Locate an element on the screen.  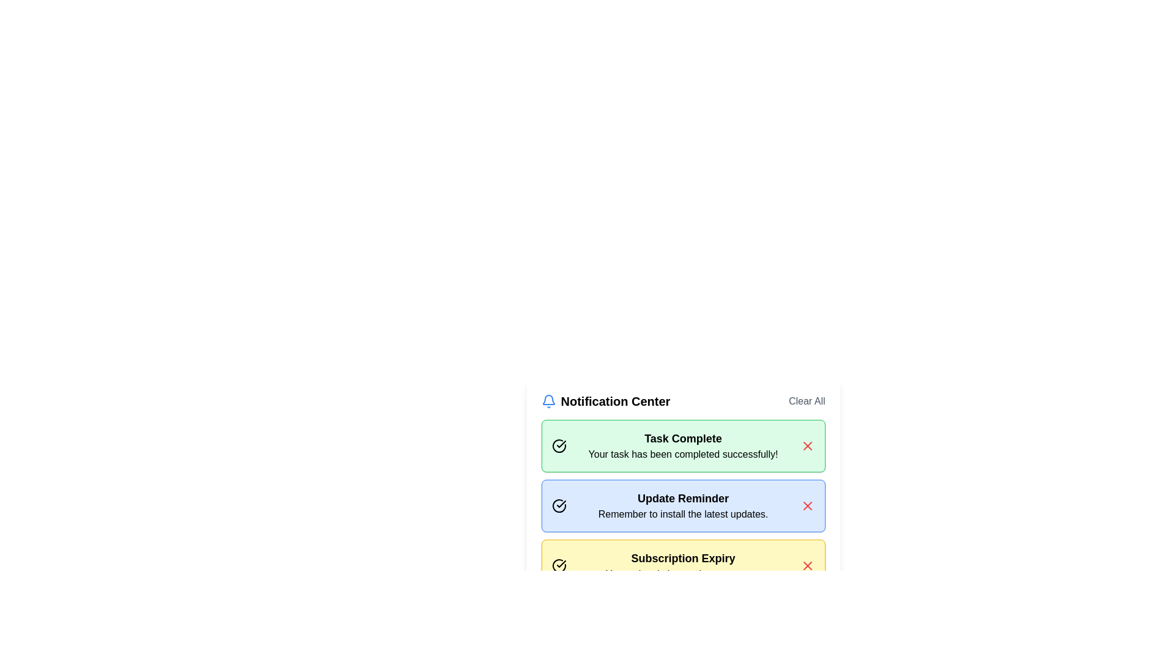
the notification message area that indicates a task has been successfully completed, located in the center of a green box within the notification panel is located at coordinates (682, 446).